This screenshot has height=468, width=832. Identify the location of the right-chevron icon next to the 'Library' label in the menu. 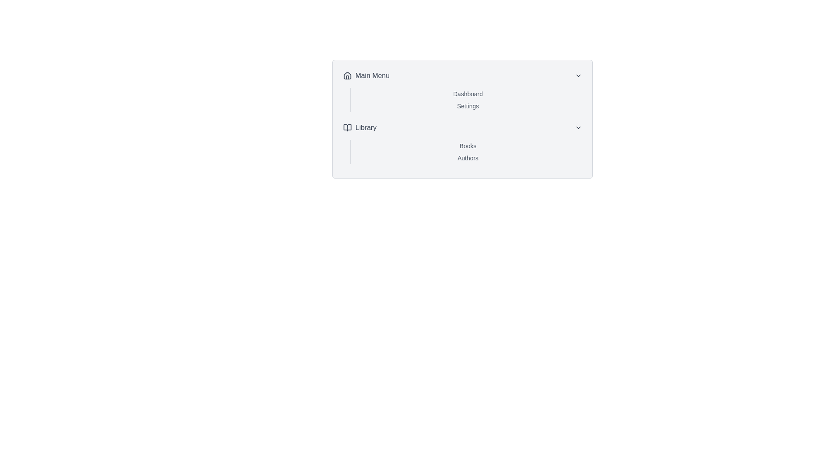
(578, 127).